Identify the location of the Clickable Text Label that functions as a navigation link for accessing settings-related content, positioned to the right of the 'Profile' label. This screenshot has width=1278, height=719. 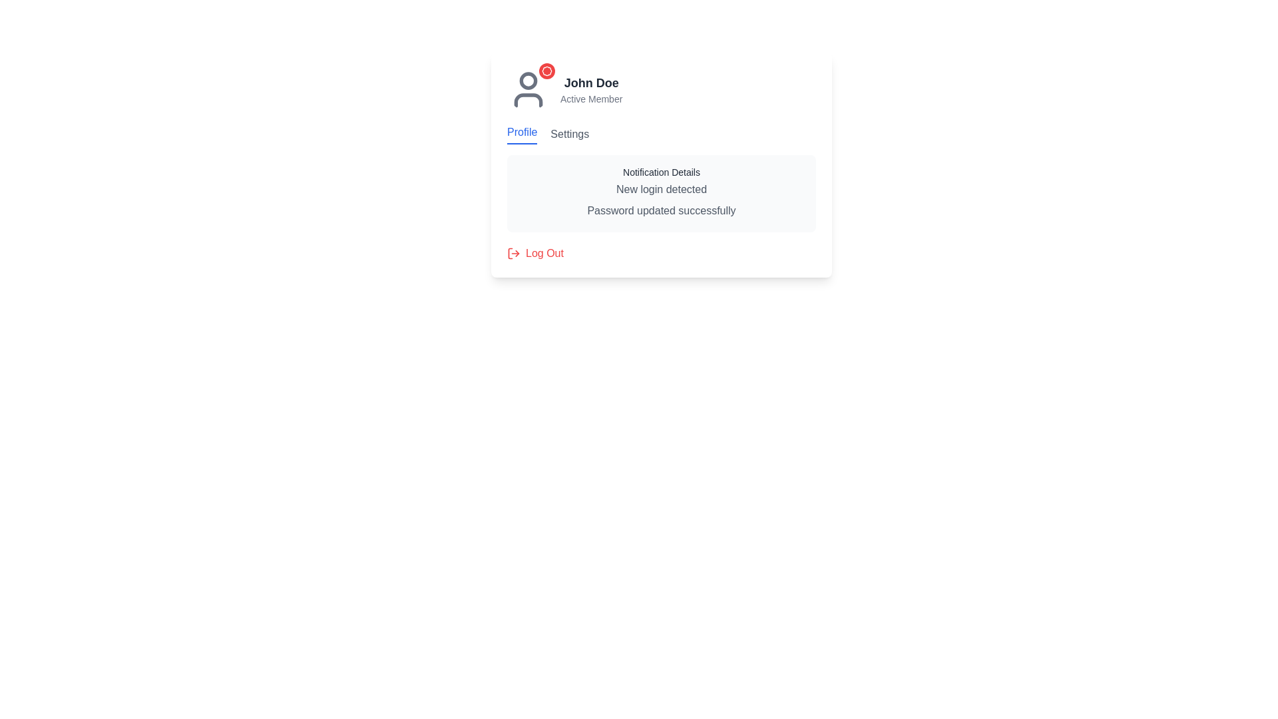
(570, 134).